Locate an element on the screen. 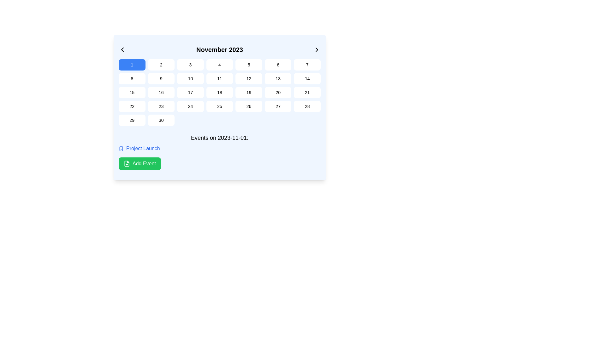 This screenshot has height=340, width=606. the interactive calendar cell representing the 13th day of the month is located at coordinates (278, 78).